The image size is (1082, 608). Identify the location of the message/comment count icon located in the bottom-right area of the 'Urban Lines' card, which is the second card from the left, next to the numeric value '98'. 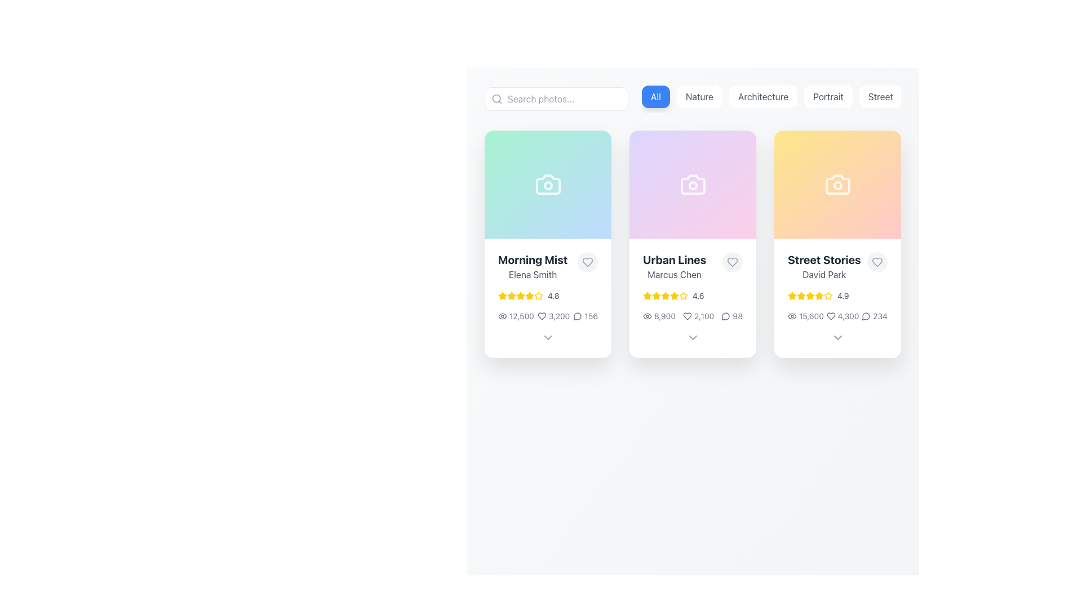
(726, 316).